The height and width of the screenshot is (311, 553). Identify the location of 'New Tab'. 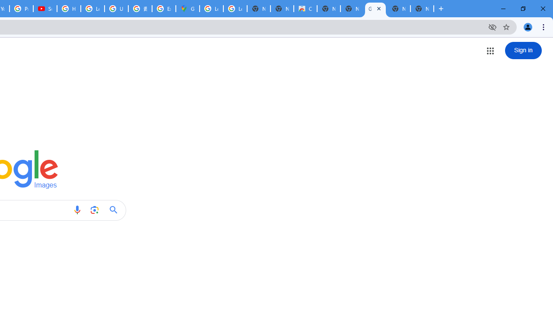
(422, 9).